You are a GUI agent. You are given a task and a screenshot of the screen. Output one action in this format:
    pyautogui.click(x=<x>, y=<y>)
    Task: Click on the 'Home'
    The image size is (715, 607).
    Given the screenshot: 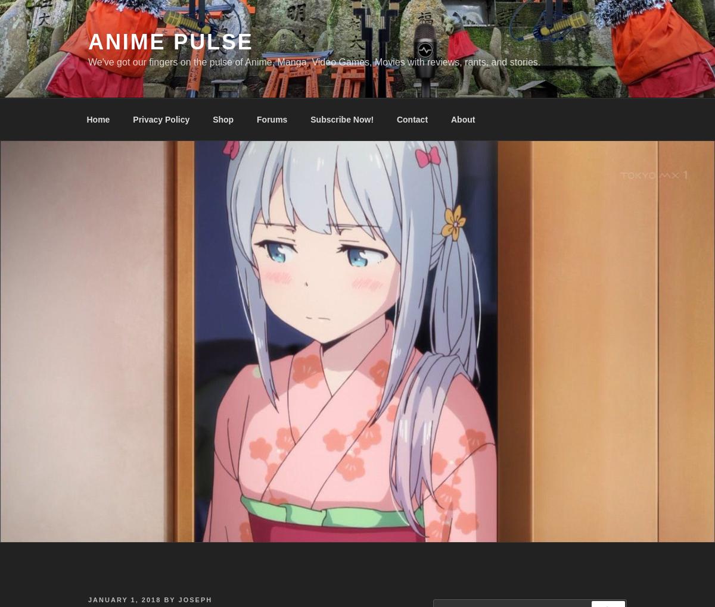 What is the action you would take?
    pyautogui.click(x=97, y=118)
    